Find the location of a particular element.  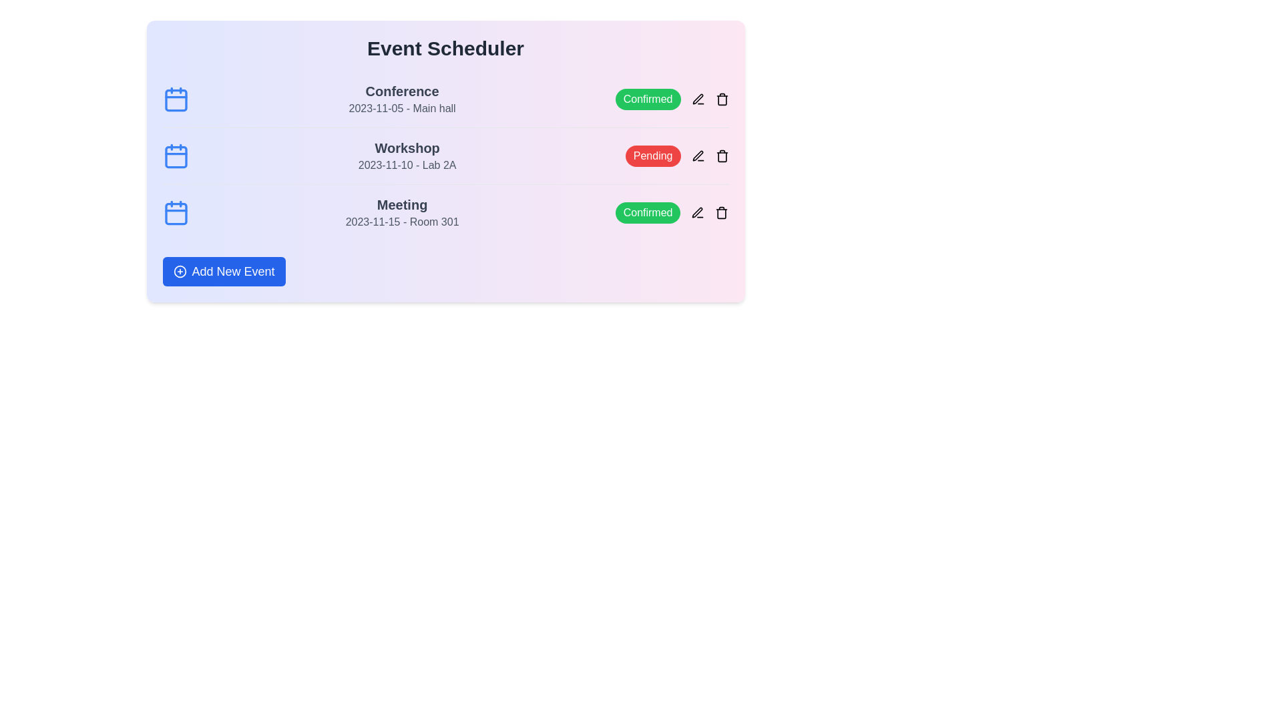

the 'Conference' label which displays the event title prominently at the top of the 'Event Scheduler' section, flanked by a calendar icon on the left and a 'Confirmed' button on the right is located at coordinates (401, 99).